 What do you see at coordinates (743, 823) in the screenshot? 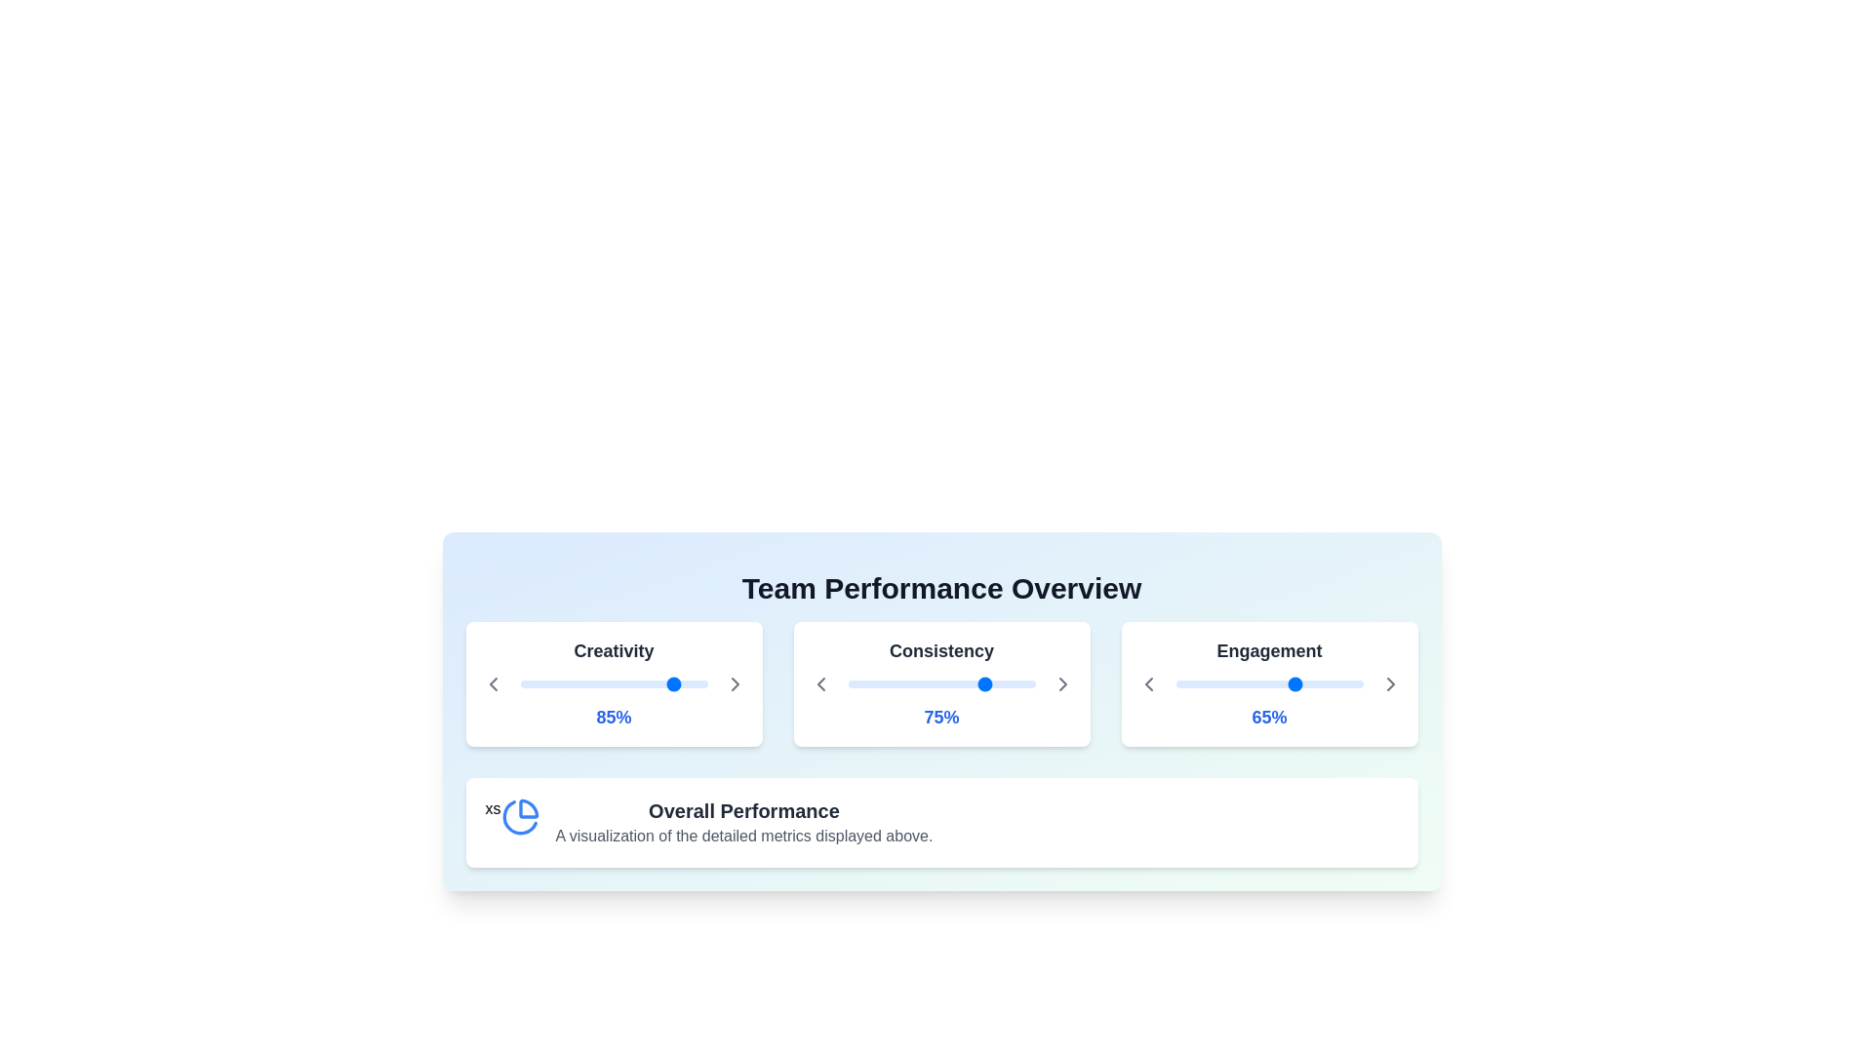
I see `text block containing the heading and subtitle for the 'Overall Performance' visualization, located below the 'Team Performance Overview' section and to the right of the circular icon labeled 'xs'` at bounding box center [743, 823].